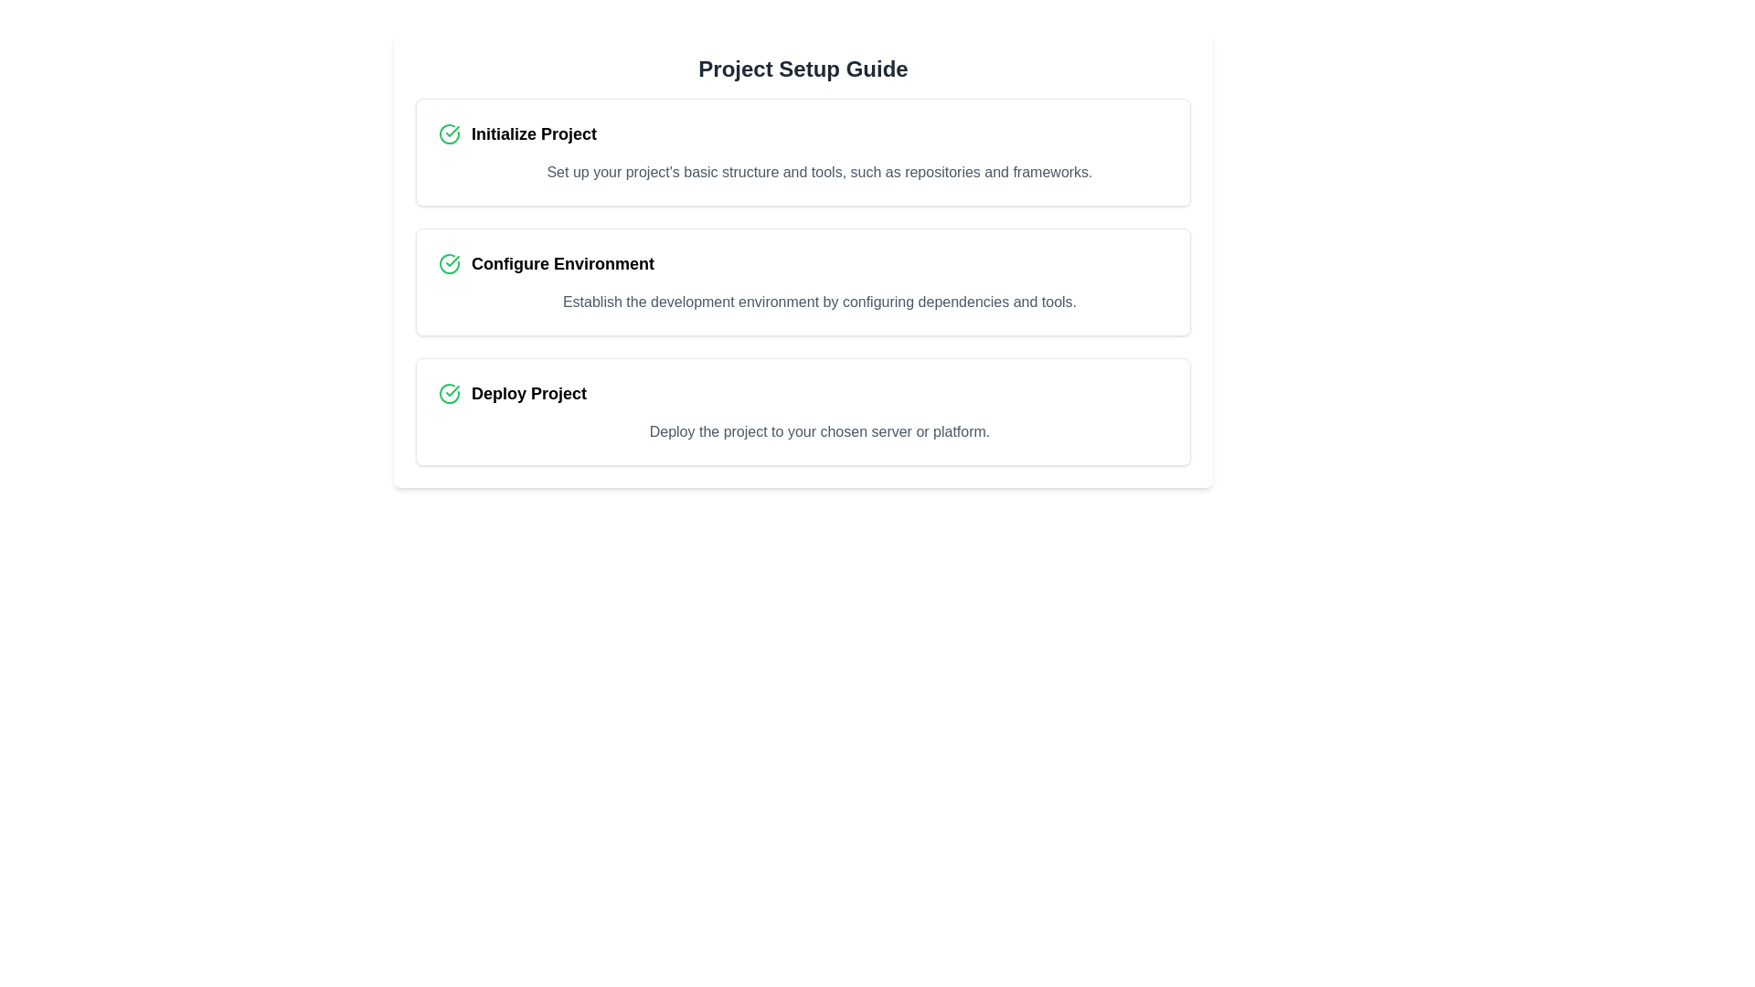 The width and height of the screenshot is (1755, 987). Describe the element at coordinates (803, 69) in the screenshot. I see `the large, bold title text 'Project Setup Guide' which is prominently displayed at the top of its containing section` at that location.